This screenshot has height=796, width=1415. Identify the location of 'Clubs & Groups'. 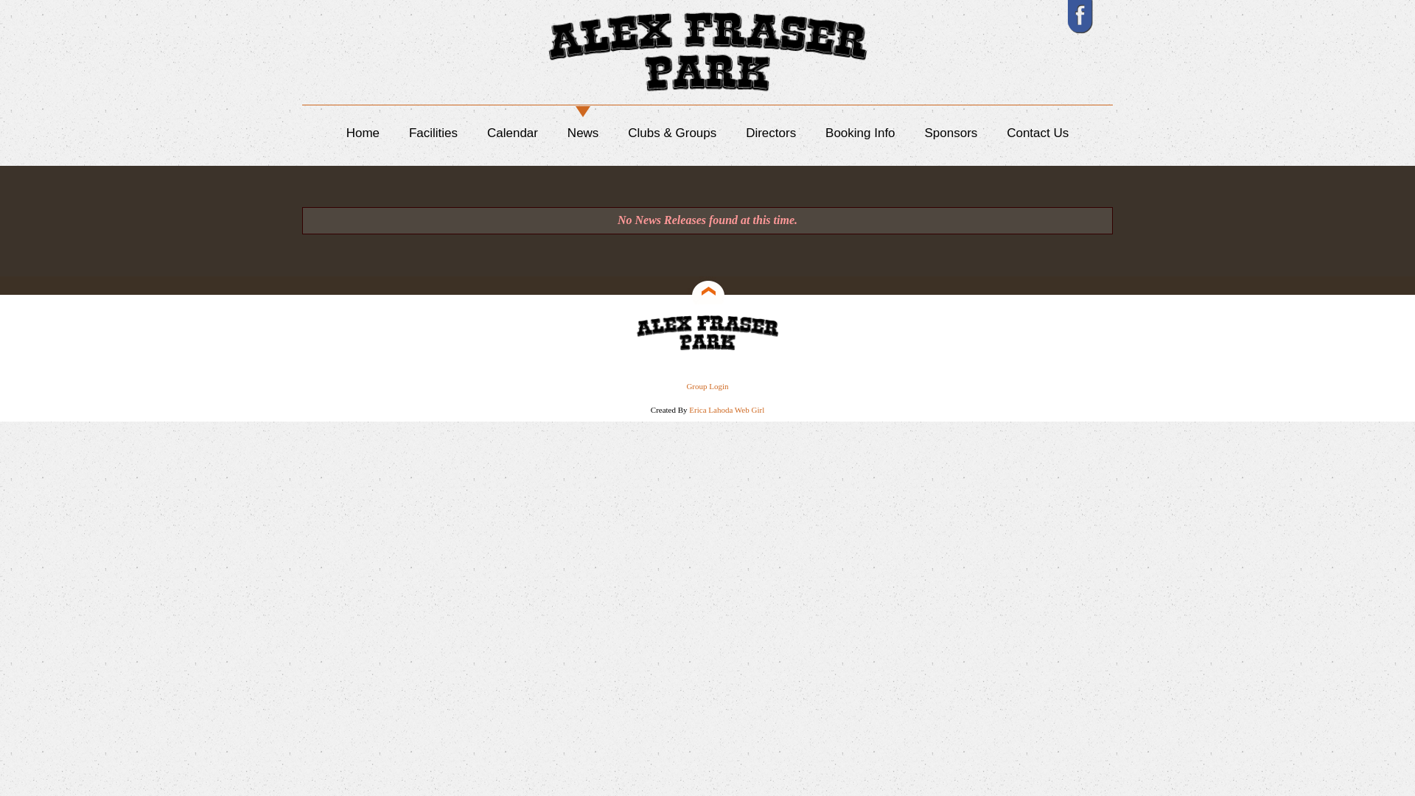
(671, 133).